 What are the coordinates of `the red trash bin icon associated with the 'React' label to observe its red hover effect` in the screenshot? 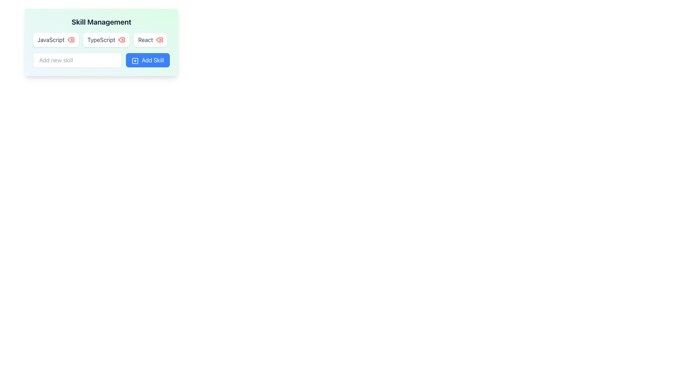 It's located at (159, 40).